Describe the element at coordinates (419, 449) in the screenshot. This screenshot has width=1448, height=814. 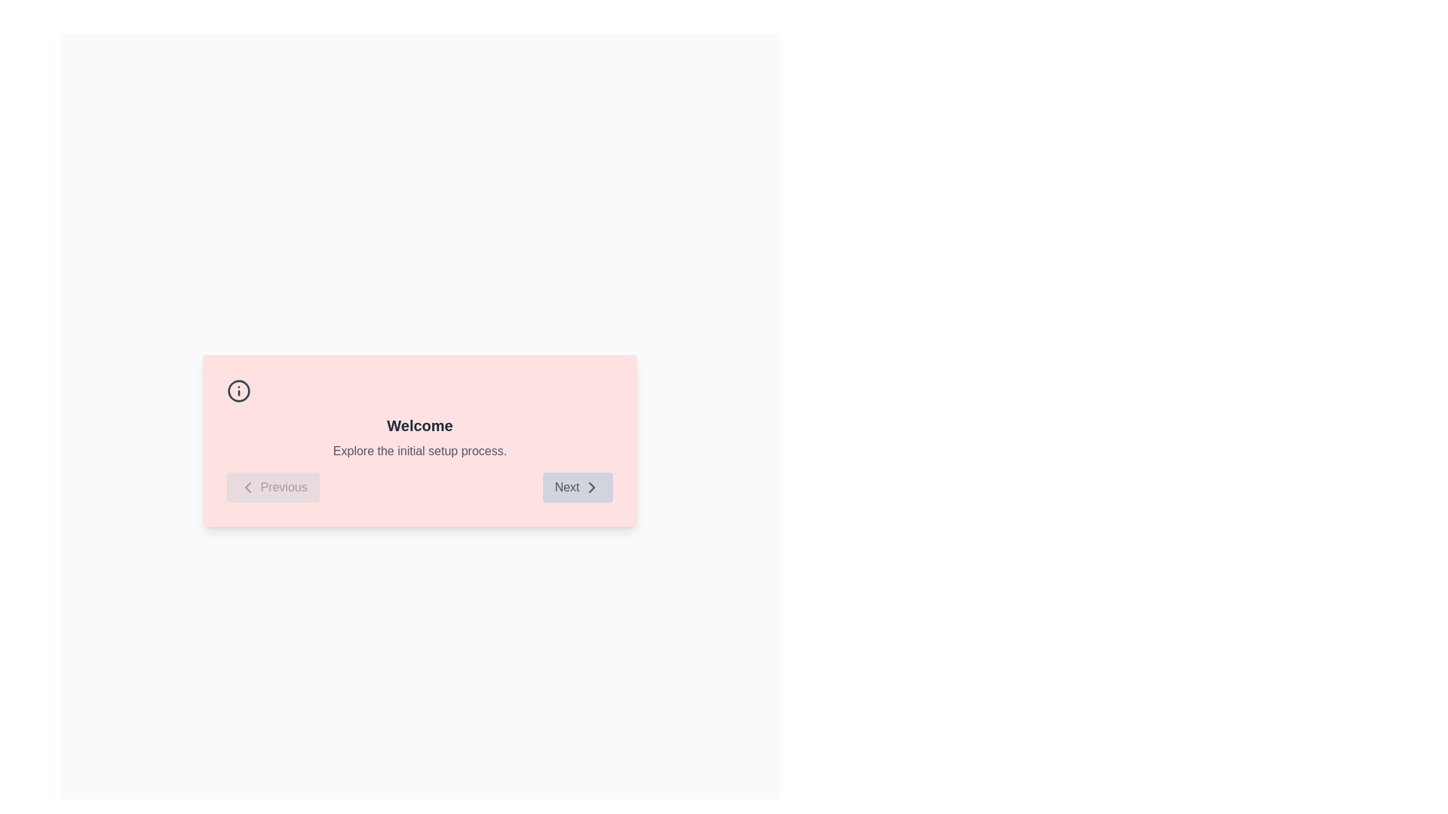
I see `the text element that is styled with a smaller font size and gray color, located beneath the 'Welcome' heading within a centered card layout` at that location.